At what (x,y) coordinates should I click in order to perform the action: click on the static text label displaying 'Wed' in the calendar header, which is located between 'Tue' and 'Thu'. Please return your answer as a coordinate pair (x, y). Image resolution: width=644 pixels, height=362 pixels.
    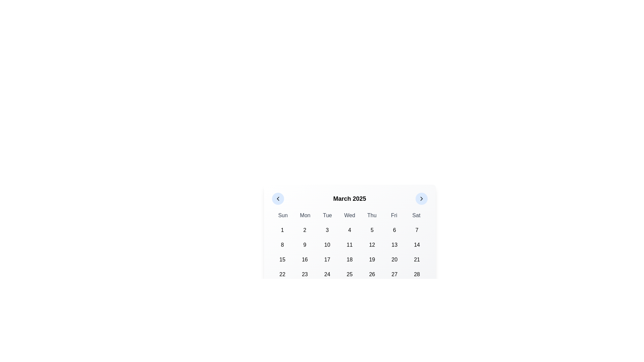
    Looking at the image, I should click on (349, 216).